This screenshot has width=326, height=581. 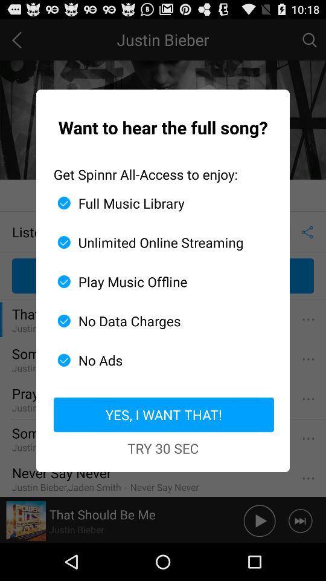 What do you see at coordinates (158, 360) in the screenshot?
I see `the icon below the no data charges app` at bounding box center [158, 360].